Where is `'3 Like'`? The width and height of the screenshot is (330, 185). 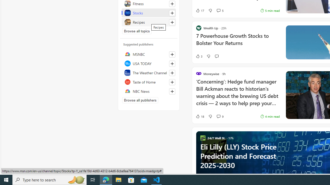 '3 Like' is located at coordinates (199, 56).